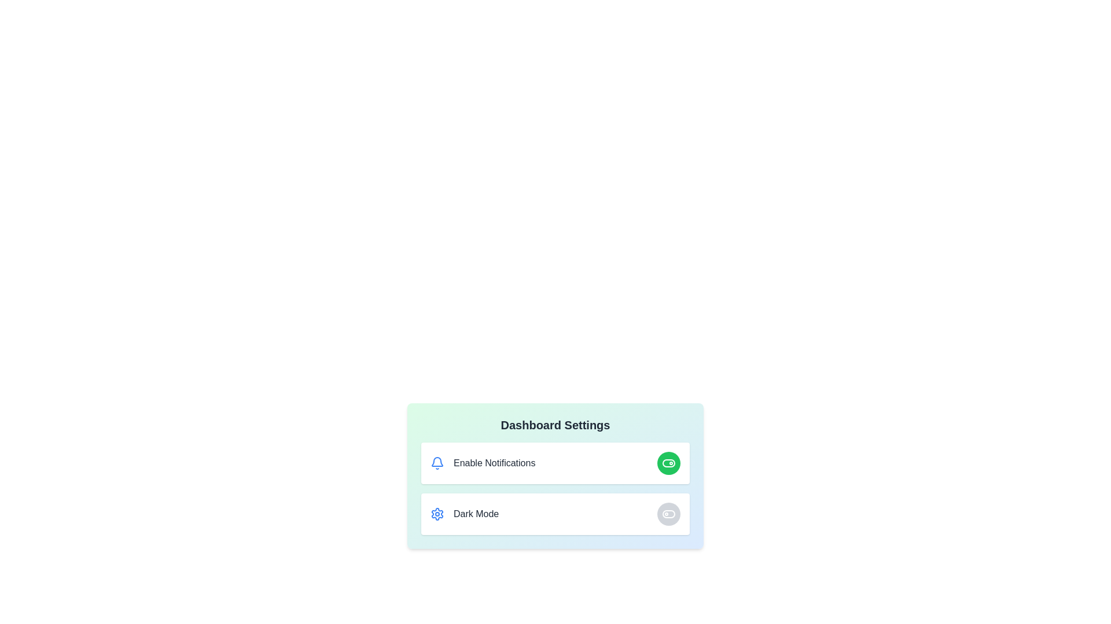  I want to click on the 'Dark Mode' text label in the 'Dashboard Settings' menu, which is positioned to the right of a gear-like icon, so click(476, 514).